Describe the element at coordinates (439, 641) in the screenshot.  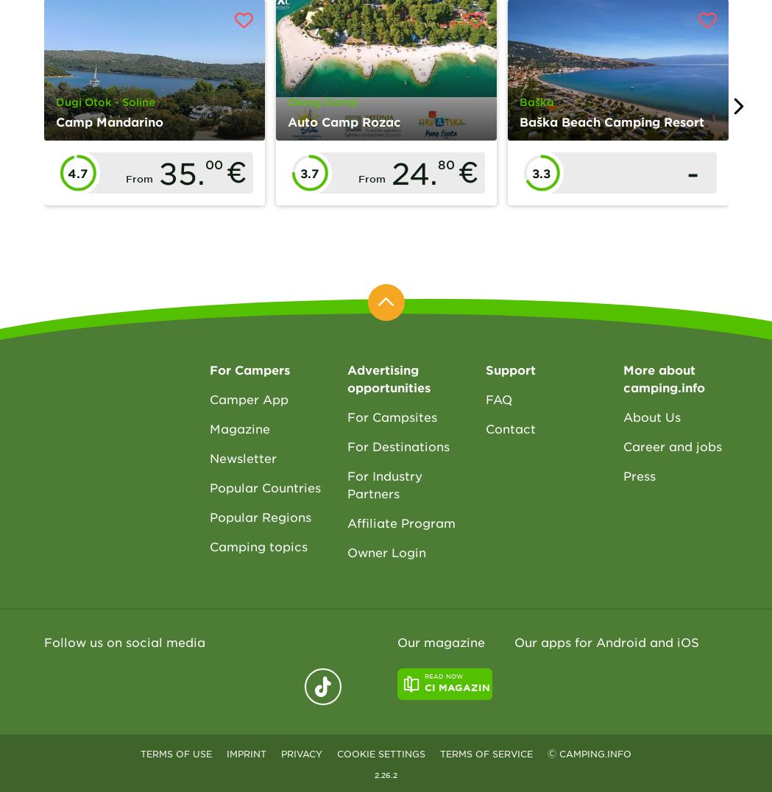
I see `'Our magazine'` at that location.